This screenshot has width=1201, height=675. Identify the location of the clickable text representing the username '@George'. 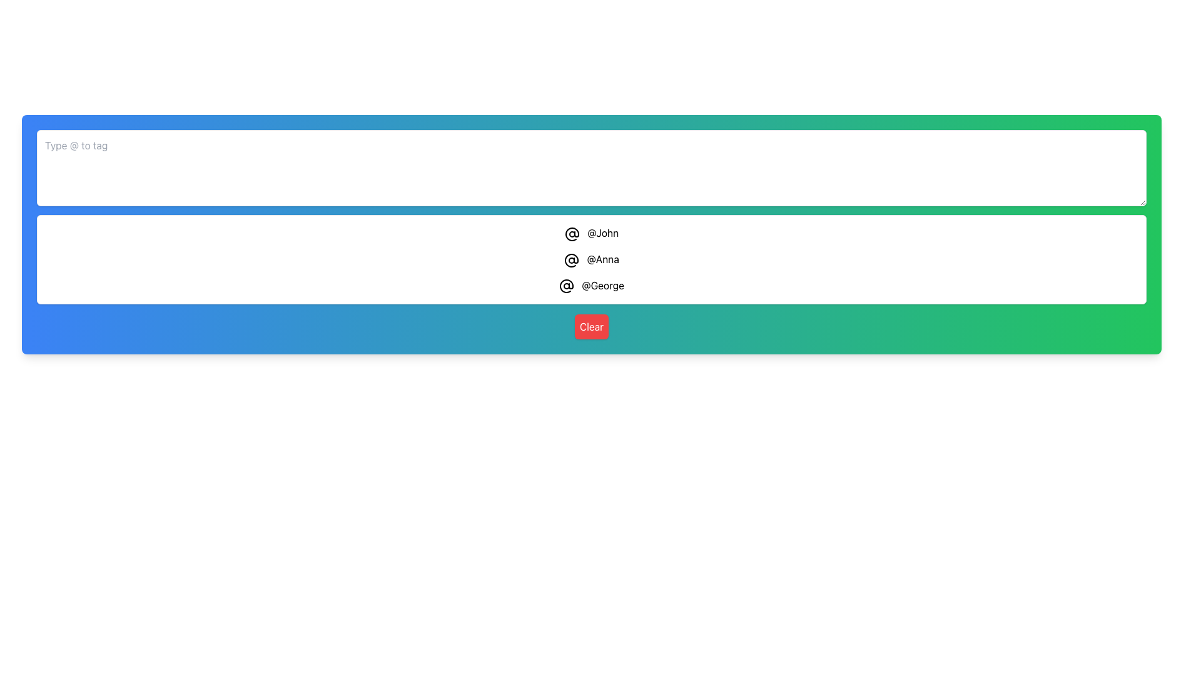
(590, 285).